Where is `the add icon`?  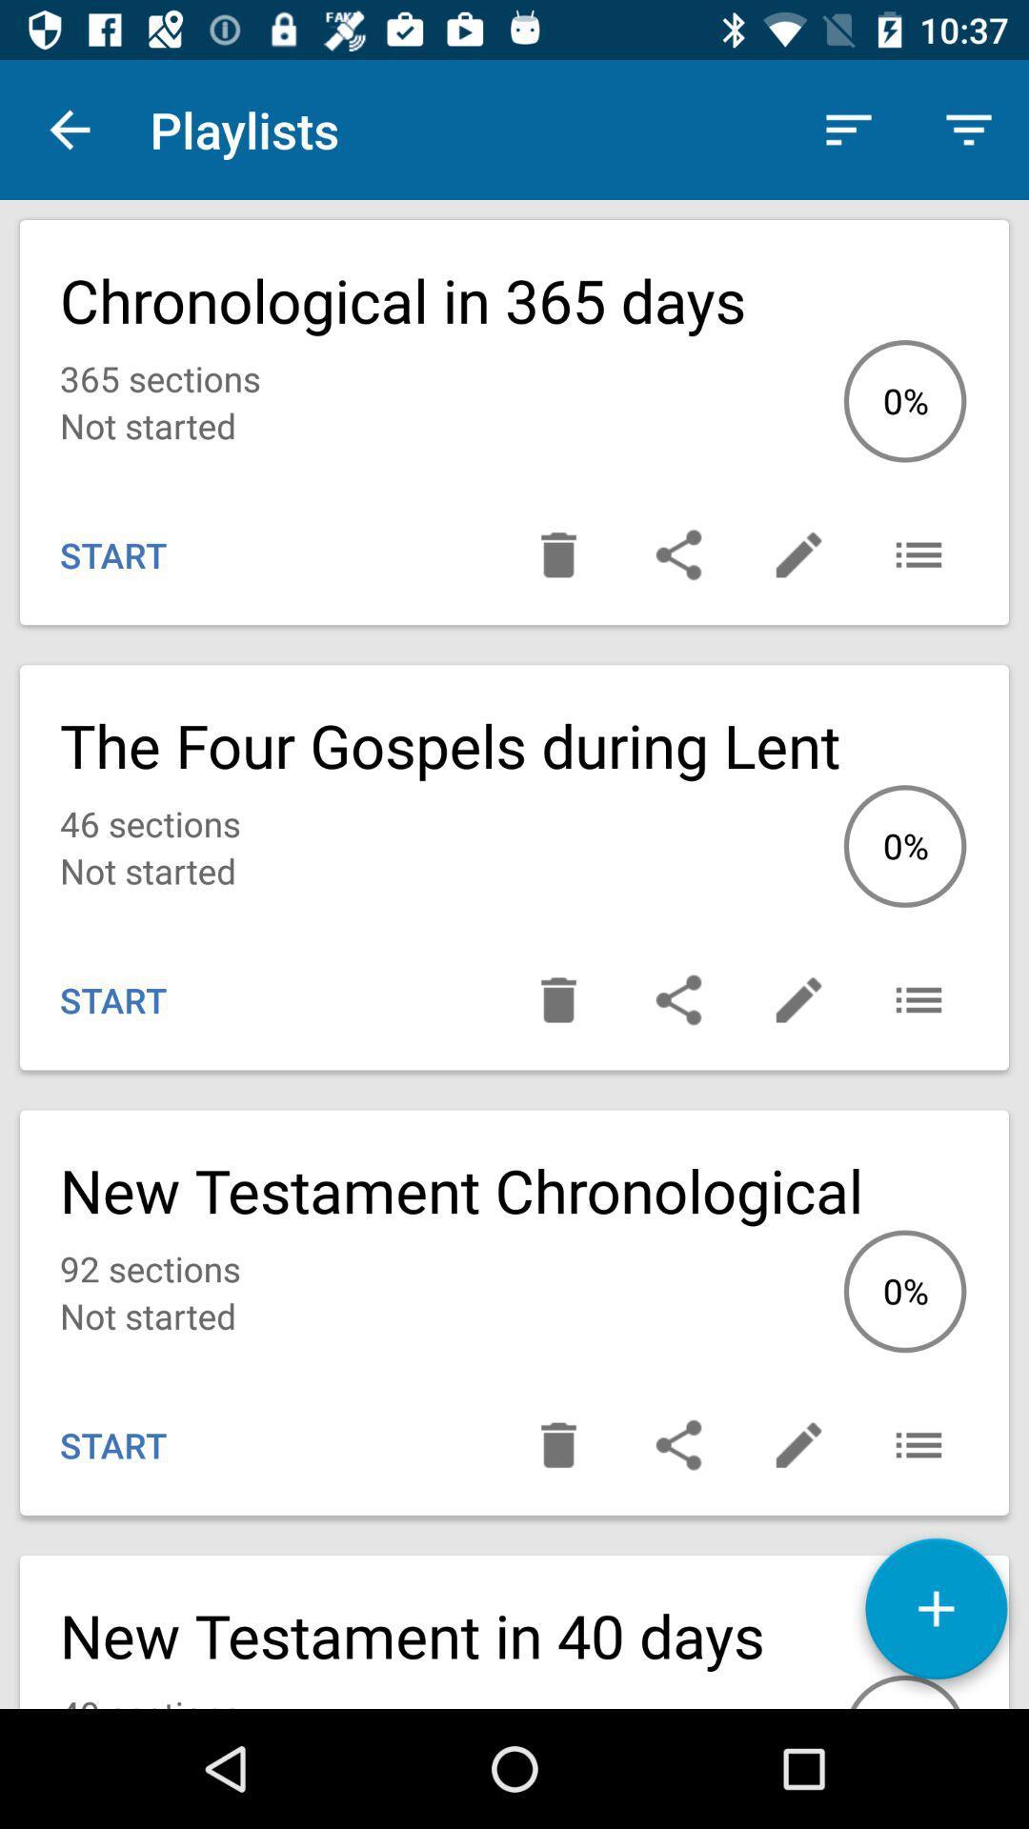 the add icon is located at coordinates (935, 1615).